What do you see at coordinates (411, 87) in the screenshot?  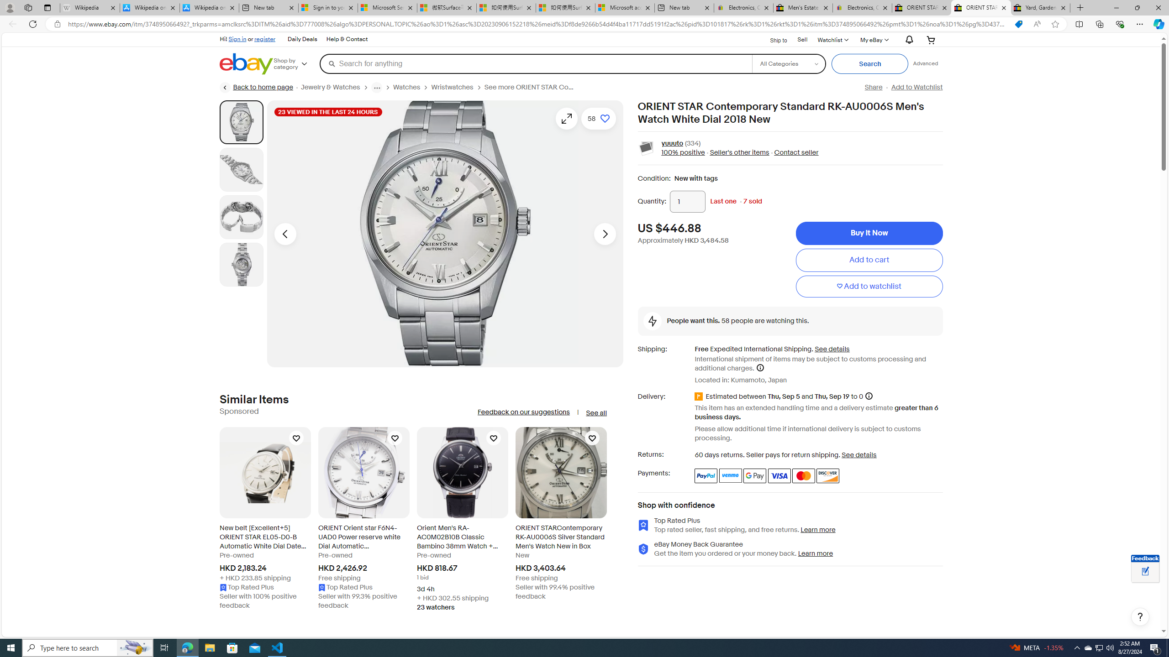 I see `'Watches'` at bounding box center [411, 87].